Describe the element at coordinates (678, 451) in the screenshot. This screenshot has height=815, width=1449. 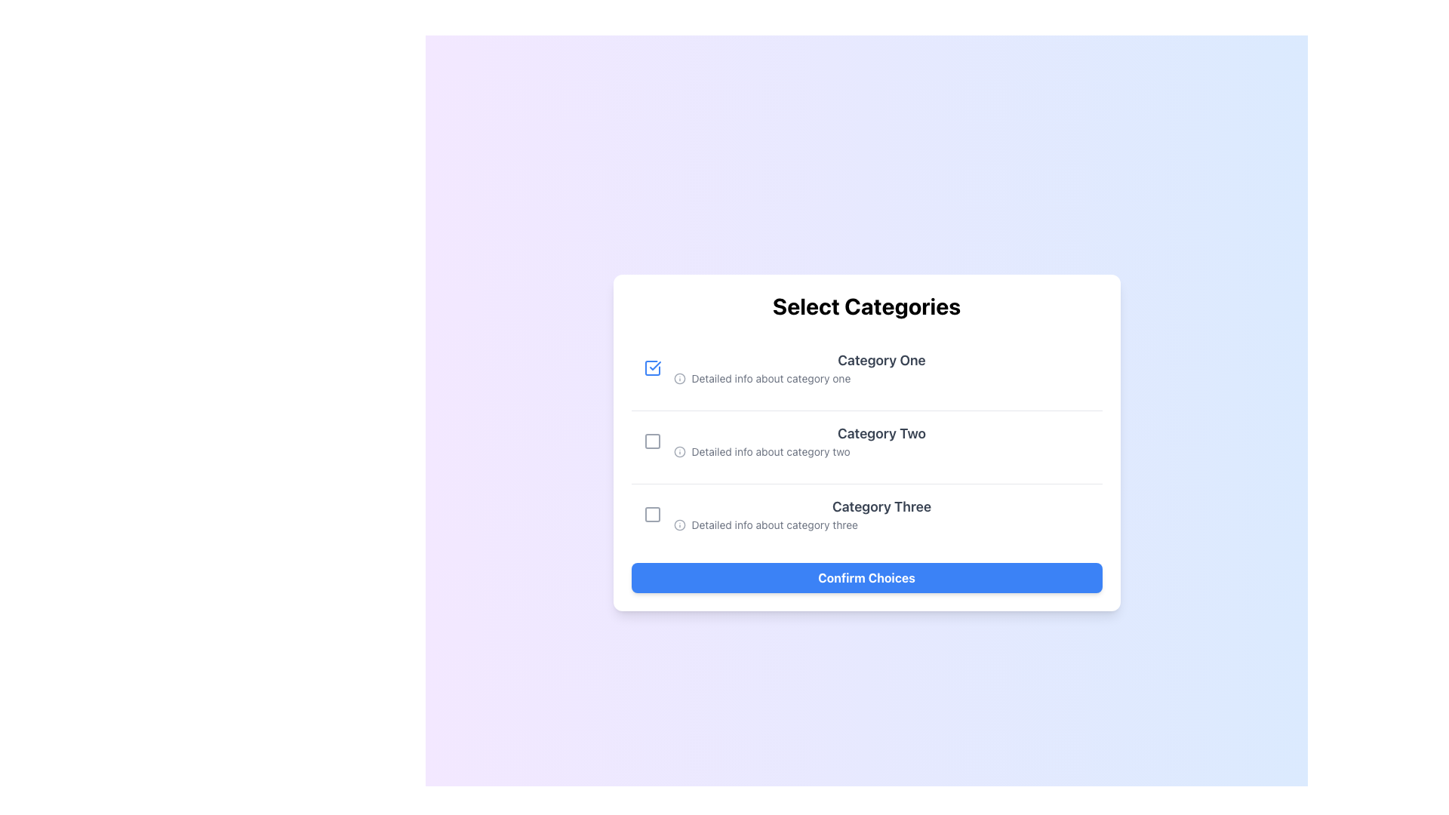
I see `the SVG Circle Element with a gray outline located next to the text 'Detailed info about category two' in the 'Select Categories' dialog box` at that location.